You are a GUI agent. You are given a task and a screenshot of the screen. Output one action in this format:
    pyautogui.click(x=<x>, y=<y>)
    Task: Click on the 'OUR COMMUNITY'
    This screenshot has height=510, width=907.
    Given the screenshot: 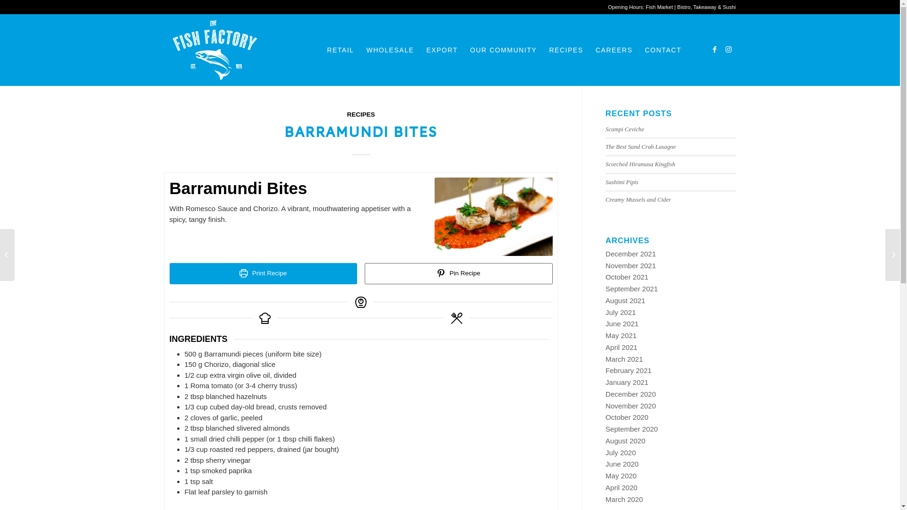 What is the action you would take?
    pyautogui.click(x=503, y=50)
    